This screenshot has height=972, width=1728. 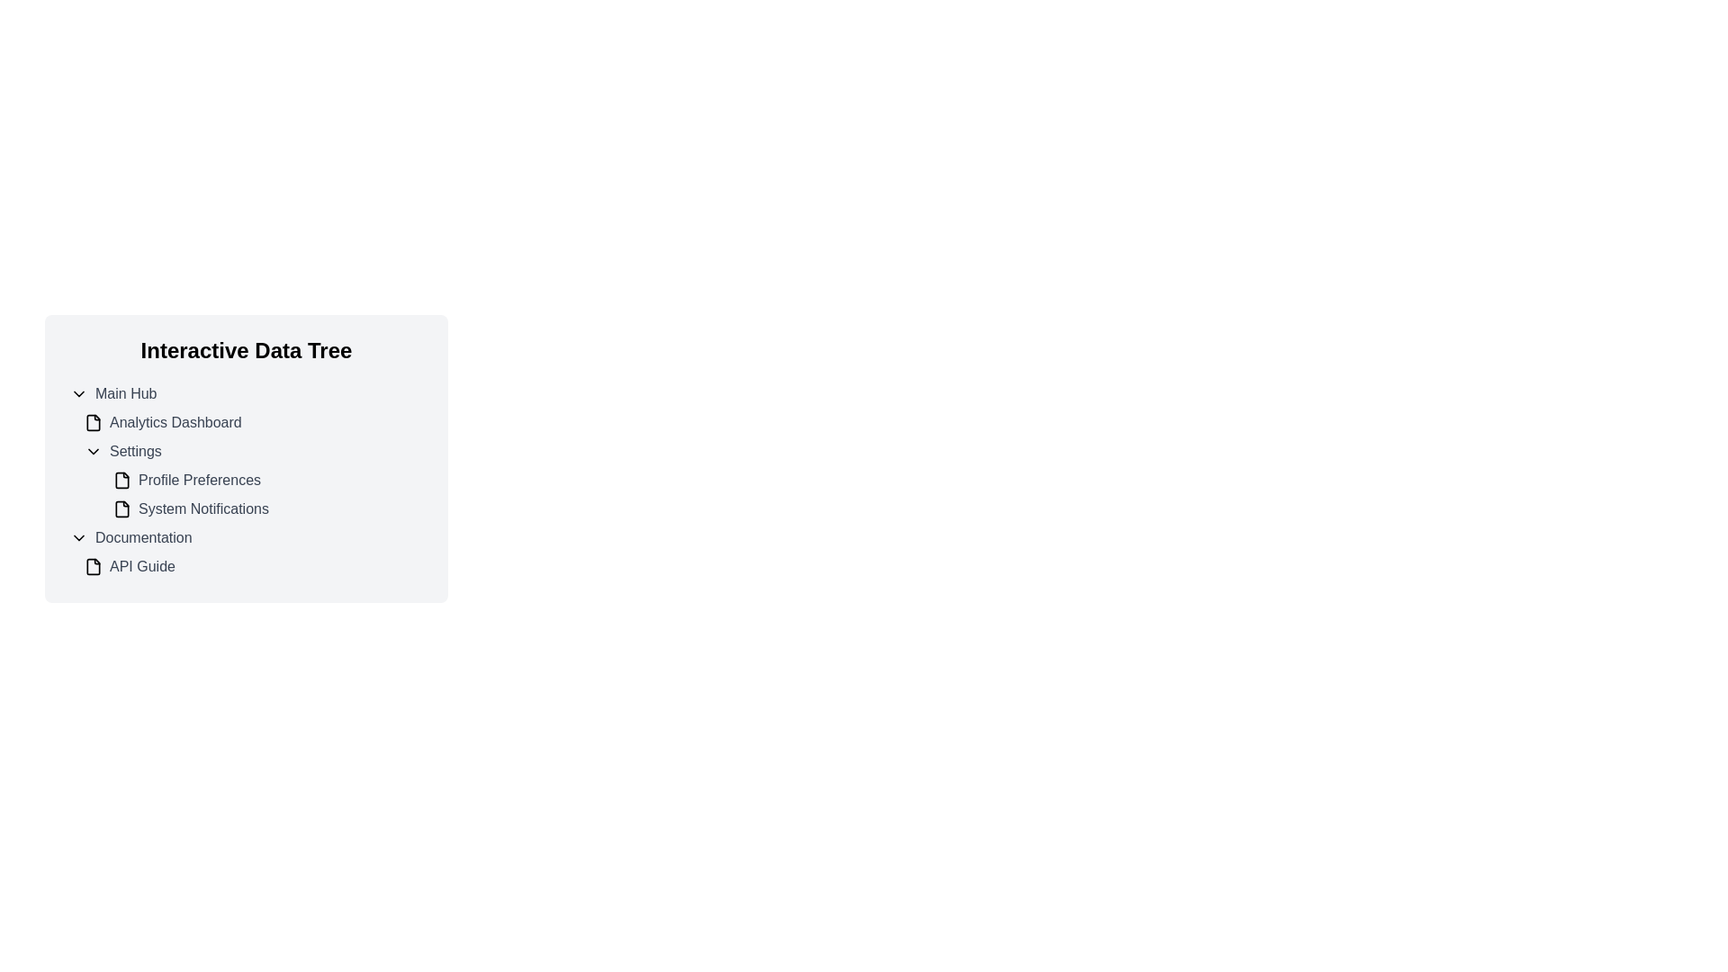 I want to click on the icon representing a file or document associated with 'Analytics Dashboard' located to the left of the text in the second row of the tree structure, so click(x=93, y=423).